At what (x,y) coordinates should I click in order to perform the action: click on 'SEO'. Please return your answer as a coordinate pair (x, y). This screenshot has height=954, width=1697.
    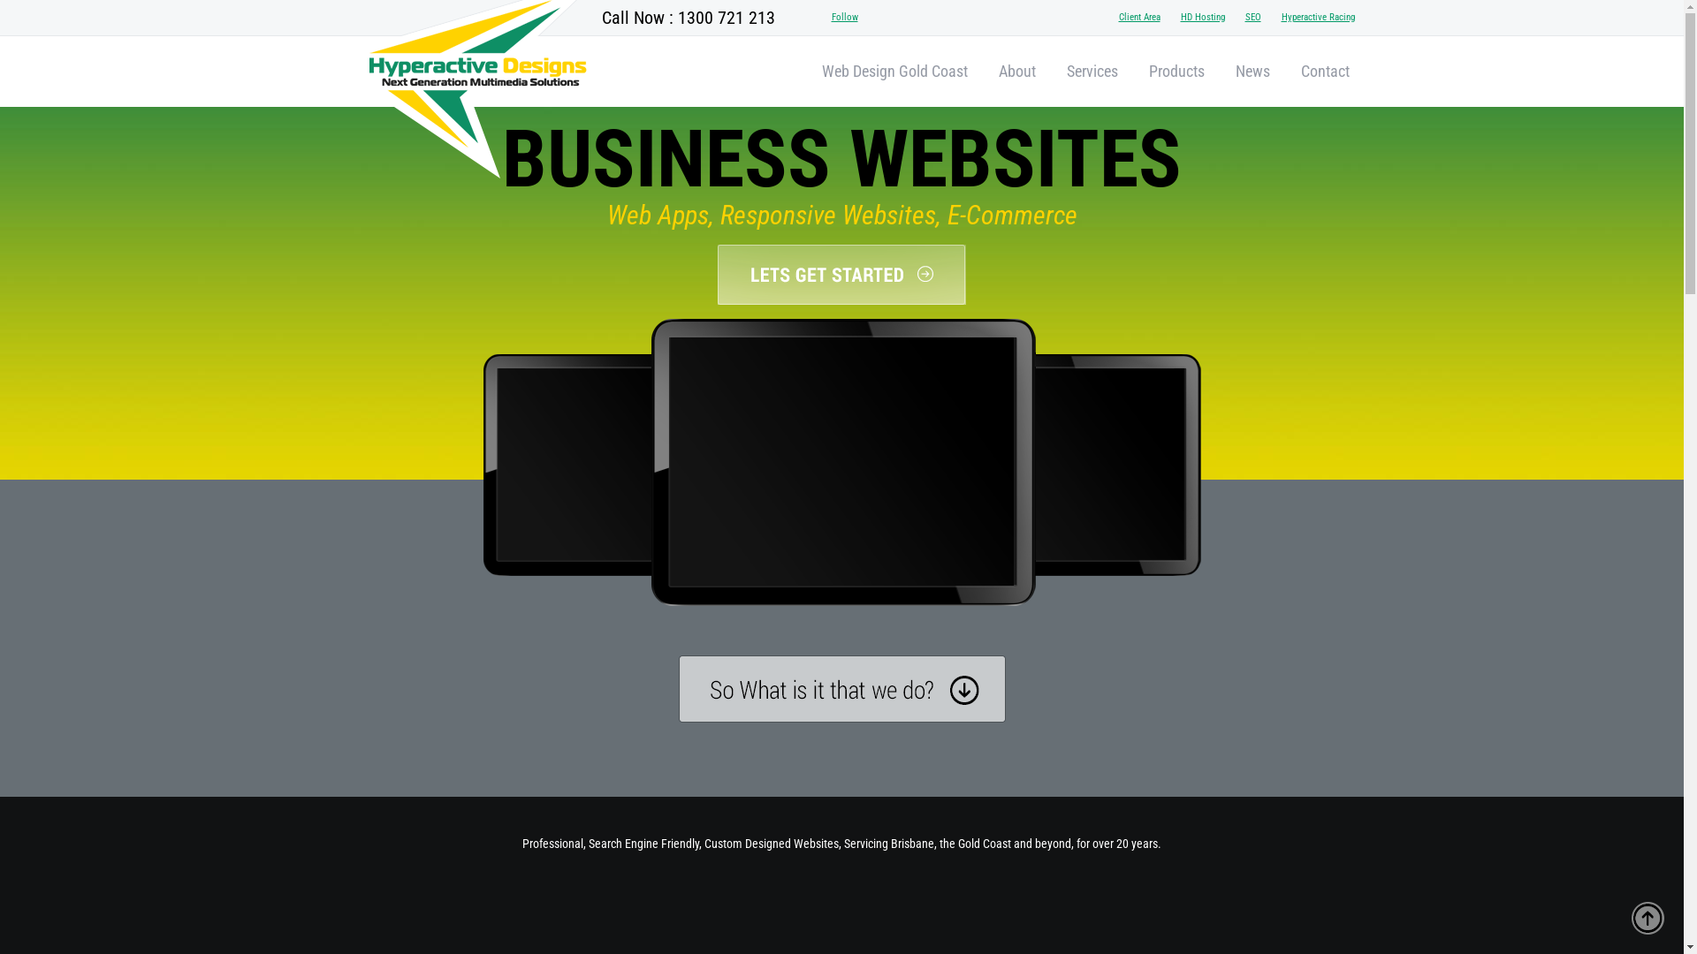
    Looking at the image, I should click on (1234, 17).